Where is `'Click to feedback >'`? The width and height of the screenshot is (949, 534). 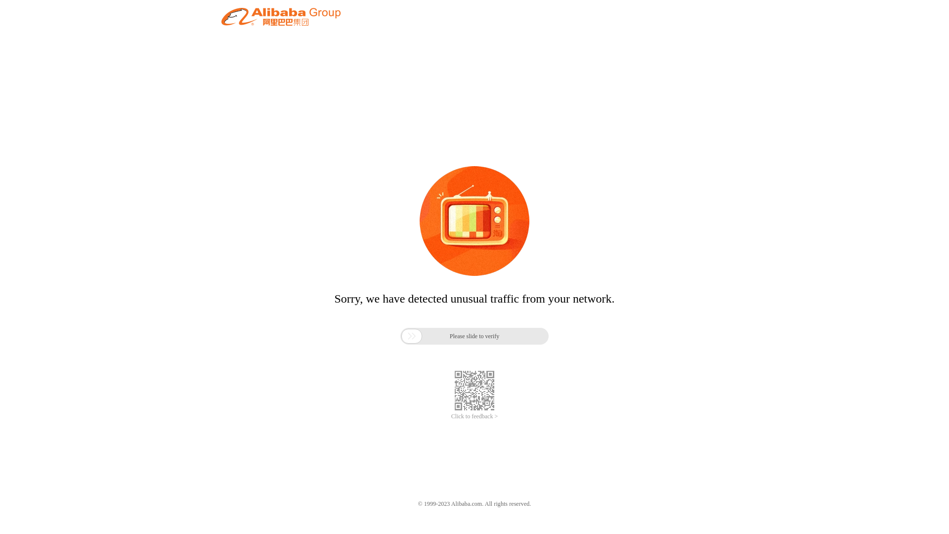
'Click to feedback >' is located at coordinates (450, 416).